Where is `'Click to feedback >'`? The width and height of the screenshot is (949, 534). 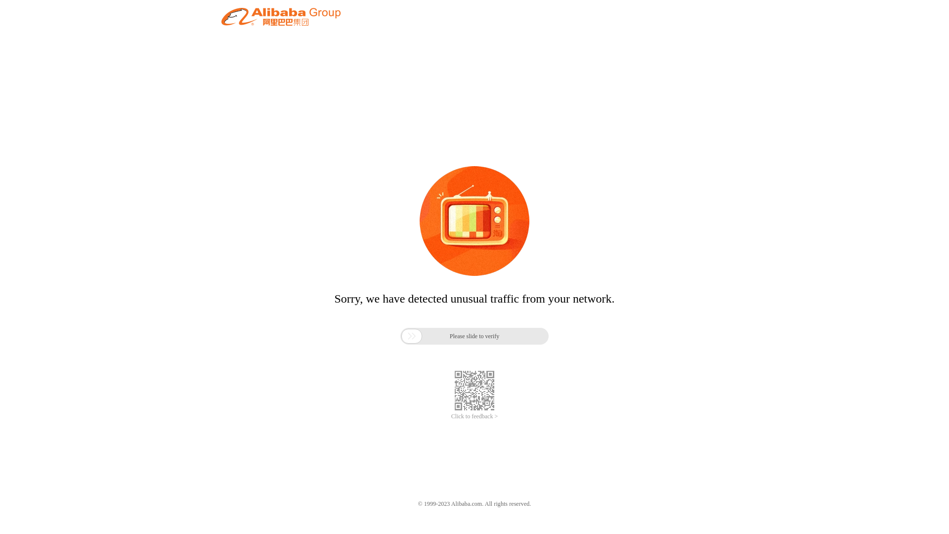
'Click to feedback >' is located at coordinates (450, 416).